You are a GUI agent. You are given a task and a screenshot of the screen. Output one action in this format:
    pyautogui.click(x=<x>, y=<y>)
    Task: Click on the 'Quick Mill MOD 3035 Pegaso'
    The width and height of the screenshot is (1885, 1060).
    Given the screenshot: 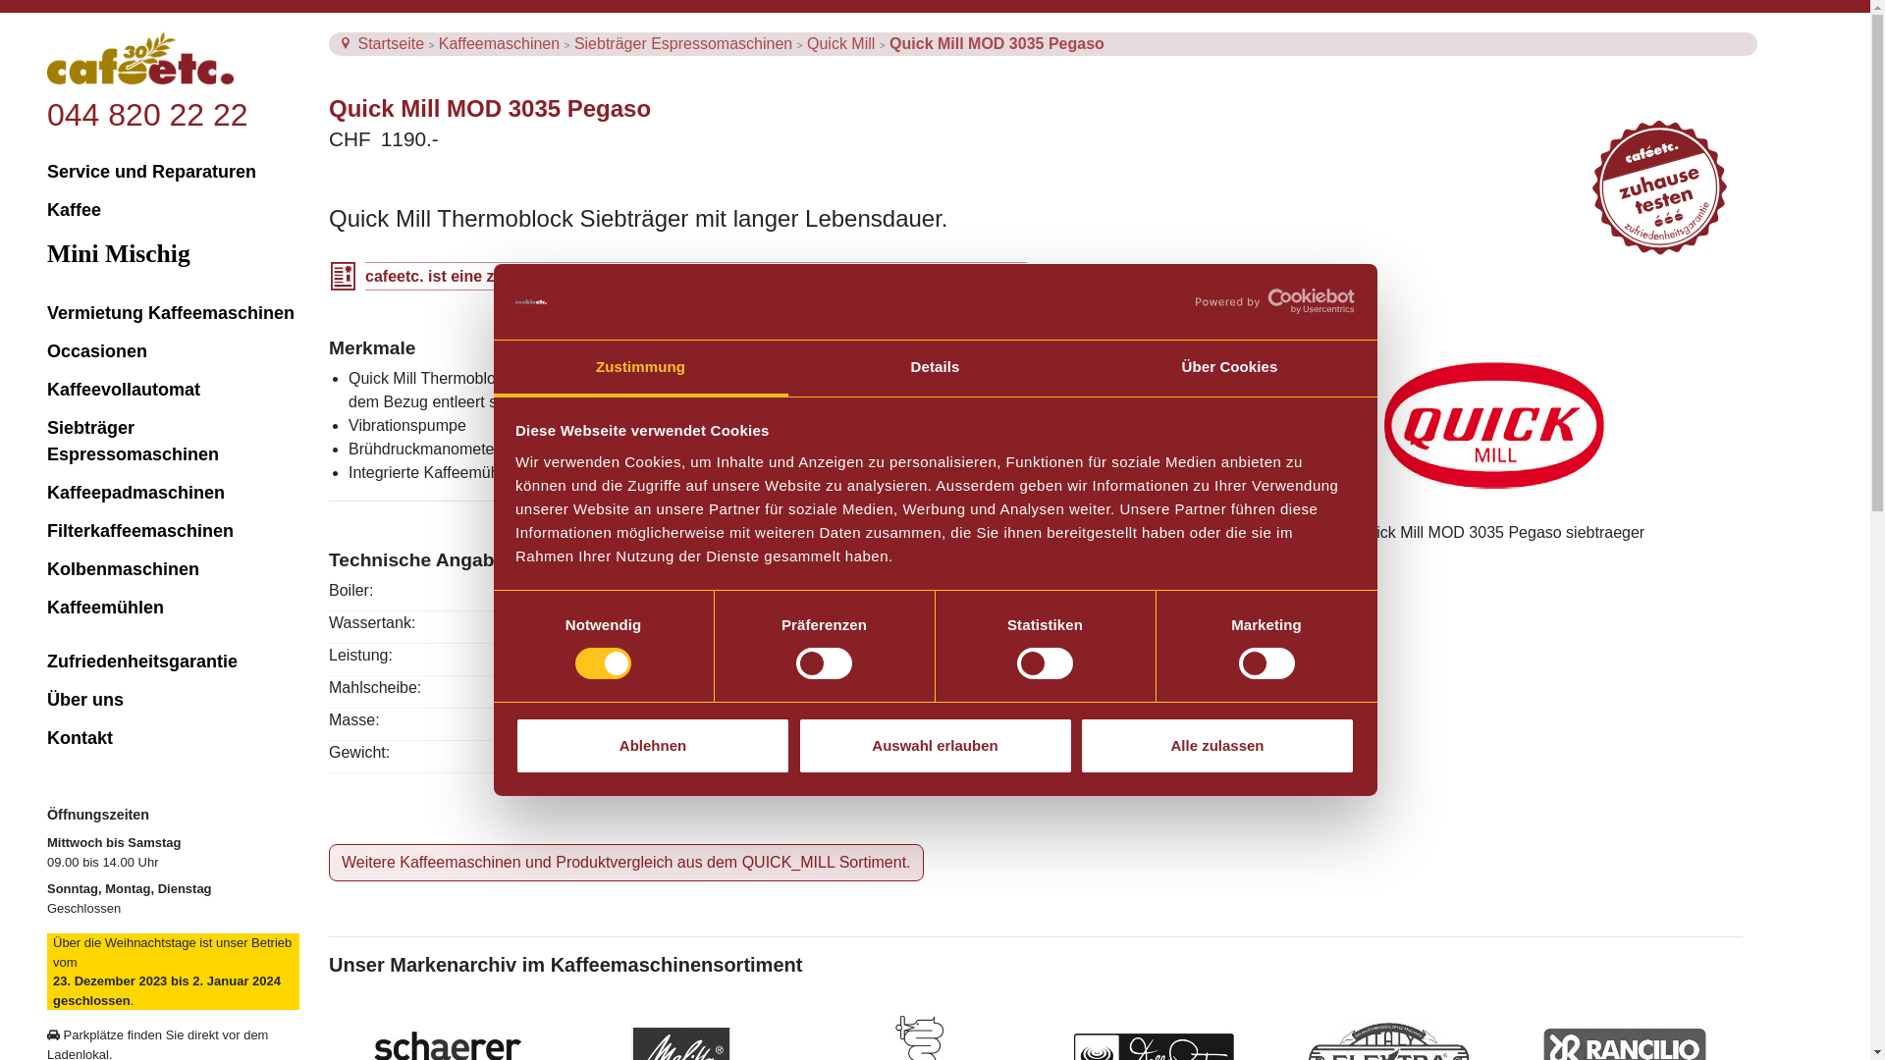 What is the action you would take?
    pyautogui.click(x=996, y=43)
    